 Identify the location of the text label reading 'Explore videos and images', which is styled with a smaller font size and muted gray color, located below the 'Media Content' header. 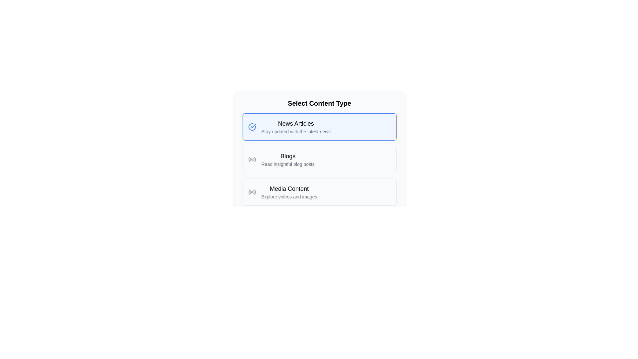
(289, 196).